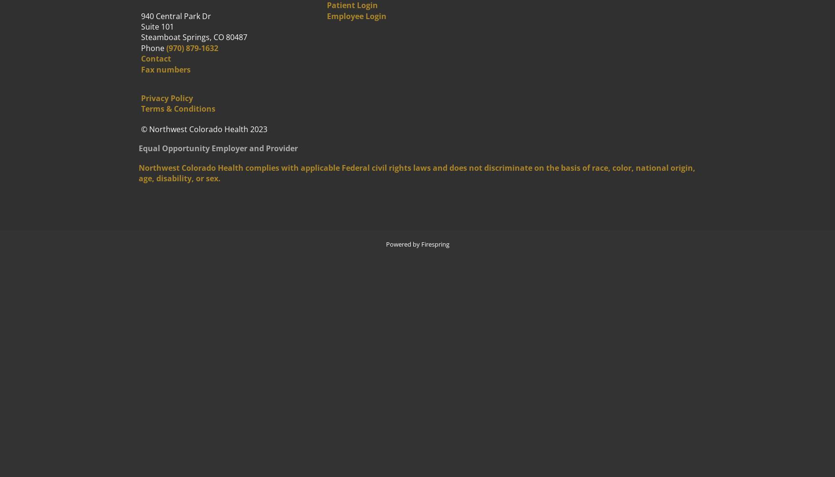 This screenshot has width=835, height=477. I want to click on 'Phone', so click(153, 47).